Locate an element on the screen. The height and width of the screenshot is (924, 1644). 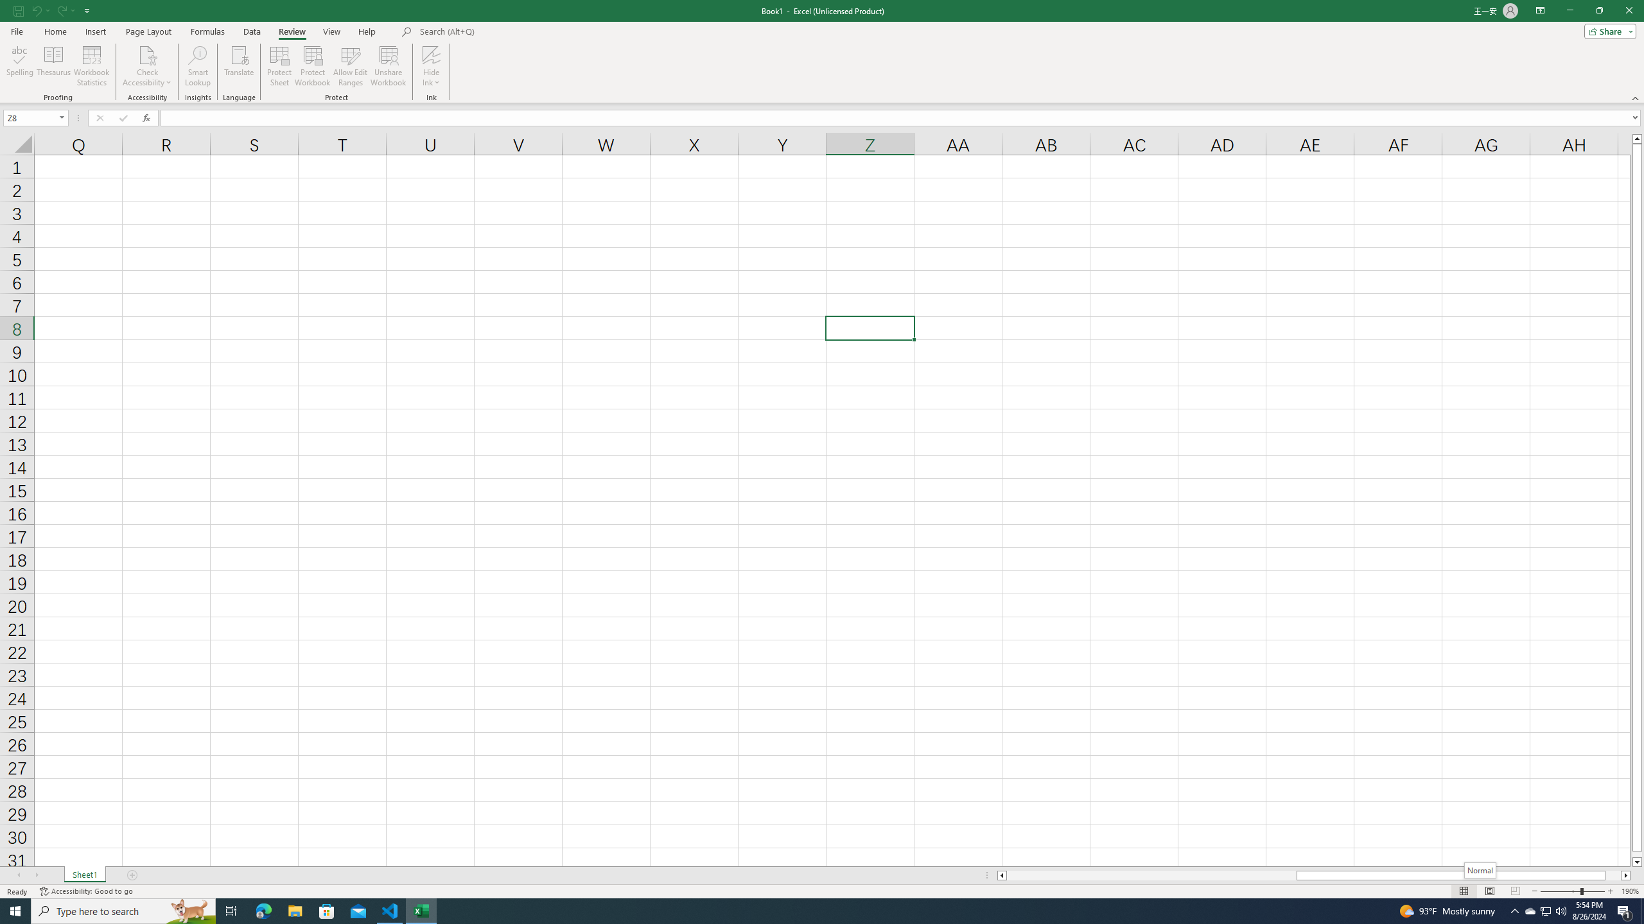
'Smart Lookup' is located at coordinates (197, 66).